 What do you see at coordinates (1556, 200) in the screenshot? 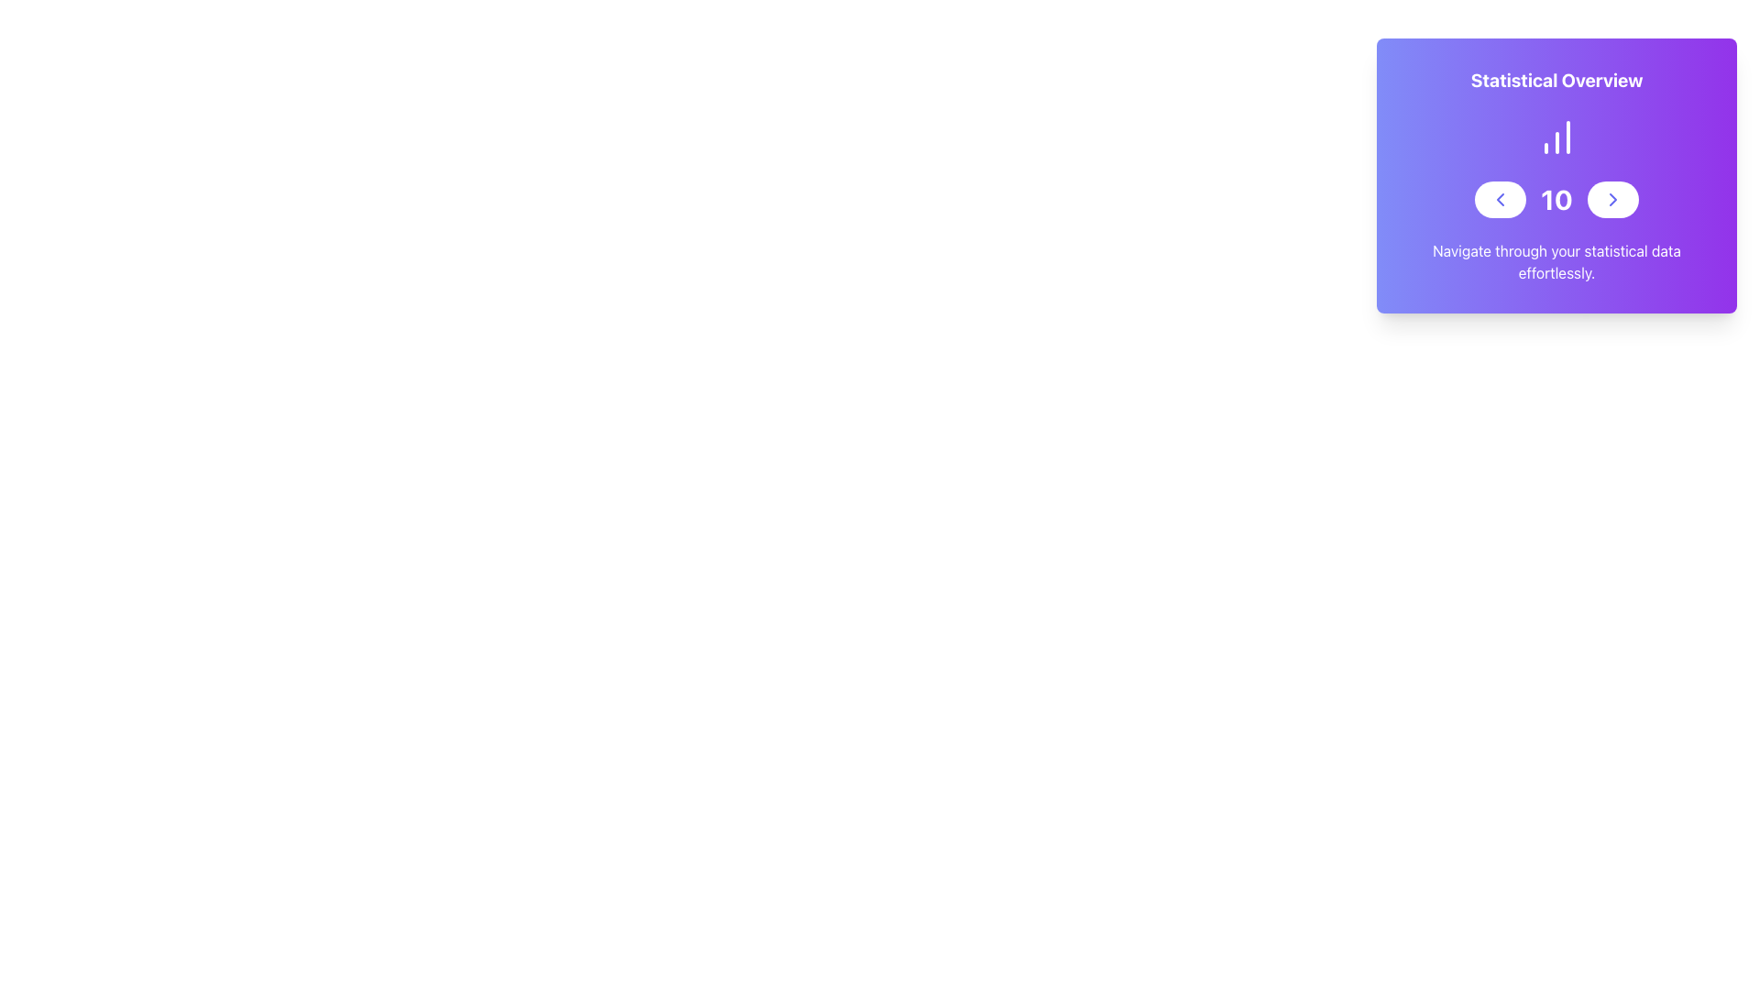
I see `the text element displaying the number '10', which is styled in a large, bold white typeface against a purple background` at bounding box center [1556, 200].